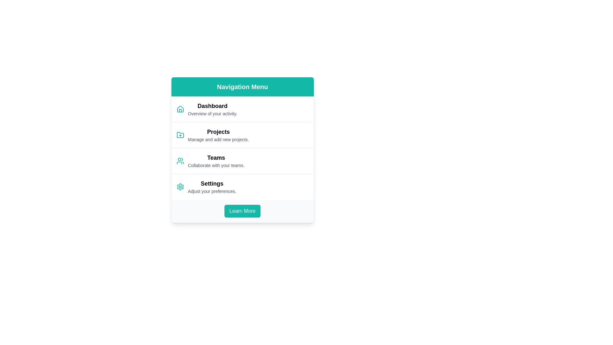  I want to click on the 'Dashboard' text label in the navigation menu, which serves as a title for that section, so click(212, 105).